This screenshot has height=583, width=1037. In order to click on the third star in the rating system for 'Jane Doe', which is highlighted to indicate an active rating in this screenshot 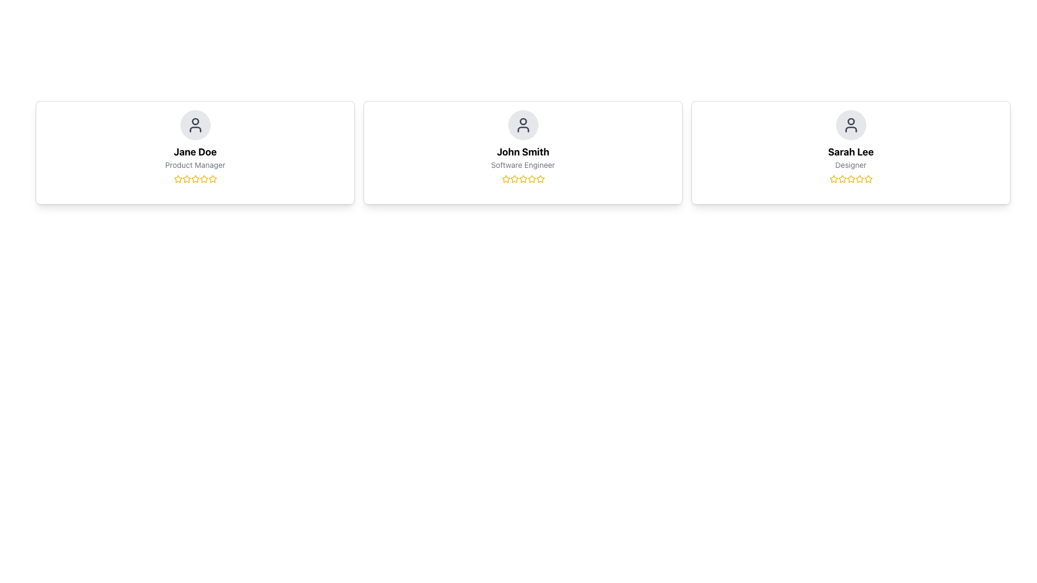, I will do `click(195, 178)`.